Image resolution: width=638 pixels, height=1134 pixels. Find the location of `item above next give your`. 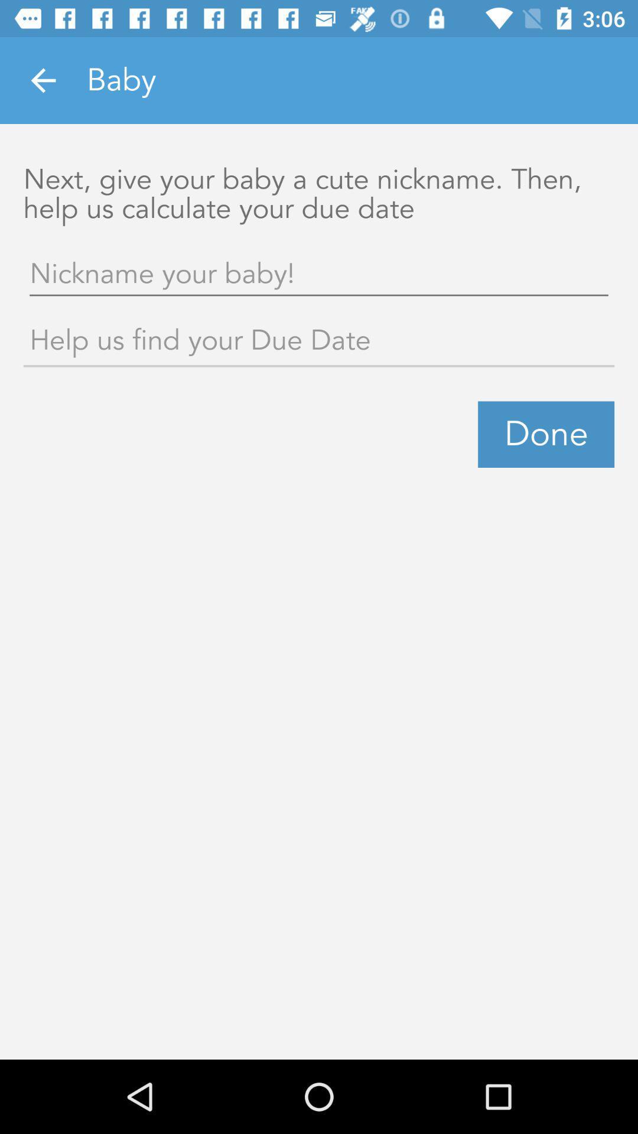

item above next give your is located at coordinates (43, 80).